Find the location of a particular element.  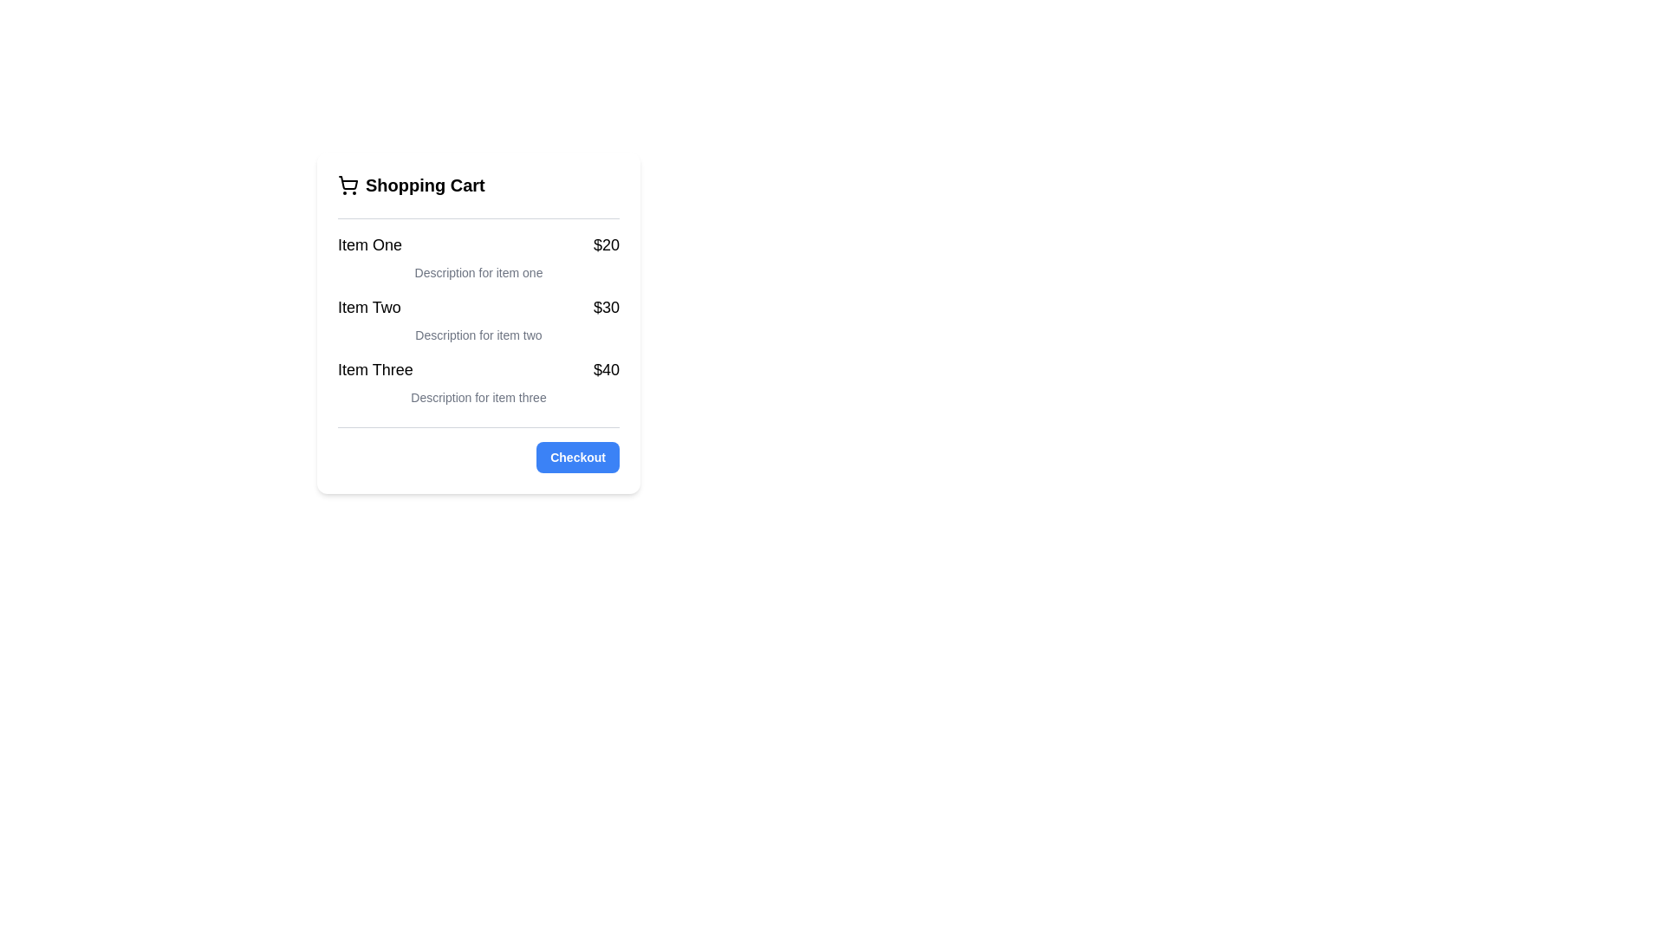

the text label displaying the amount '$30', which is bold and aligned to the right side of the content row for 'Item Two' in the shopping cart interface is located at coordinates (607, 306).